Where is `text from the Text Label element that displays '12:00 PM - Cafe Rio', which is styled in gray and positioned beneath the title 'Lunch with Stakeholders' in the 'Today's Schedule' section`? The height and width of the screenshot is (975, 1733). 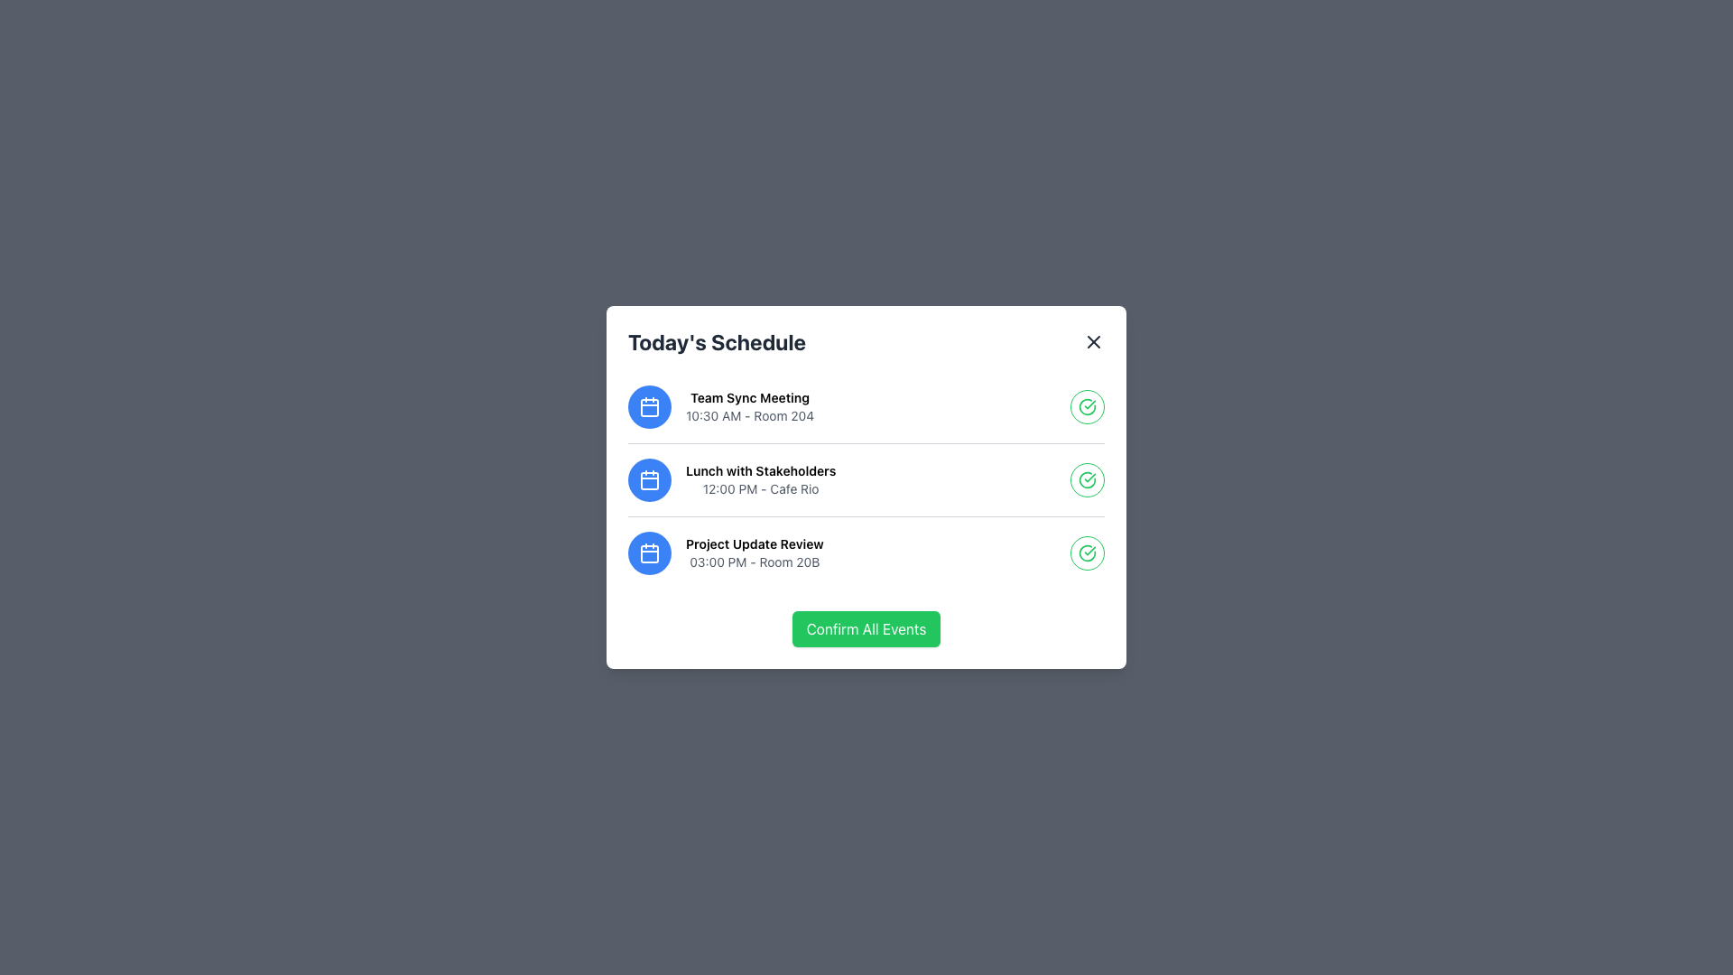
text from the Text Label element that displays '12:00 PM - Cafe Rio', which is styled in gray and positioned beneath the title 'Lunch with Stakeholders' in the 'Today's Schedule' section is located at coordinates (761, 489).